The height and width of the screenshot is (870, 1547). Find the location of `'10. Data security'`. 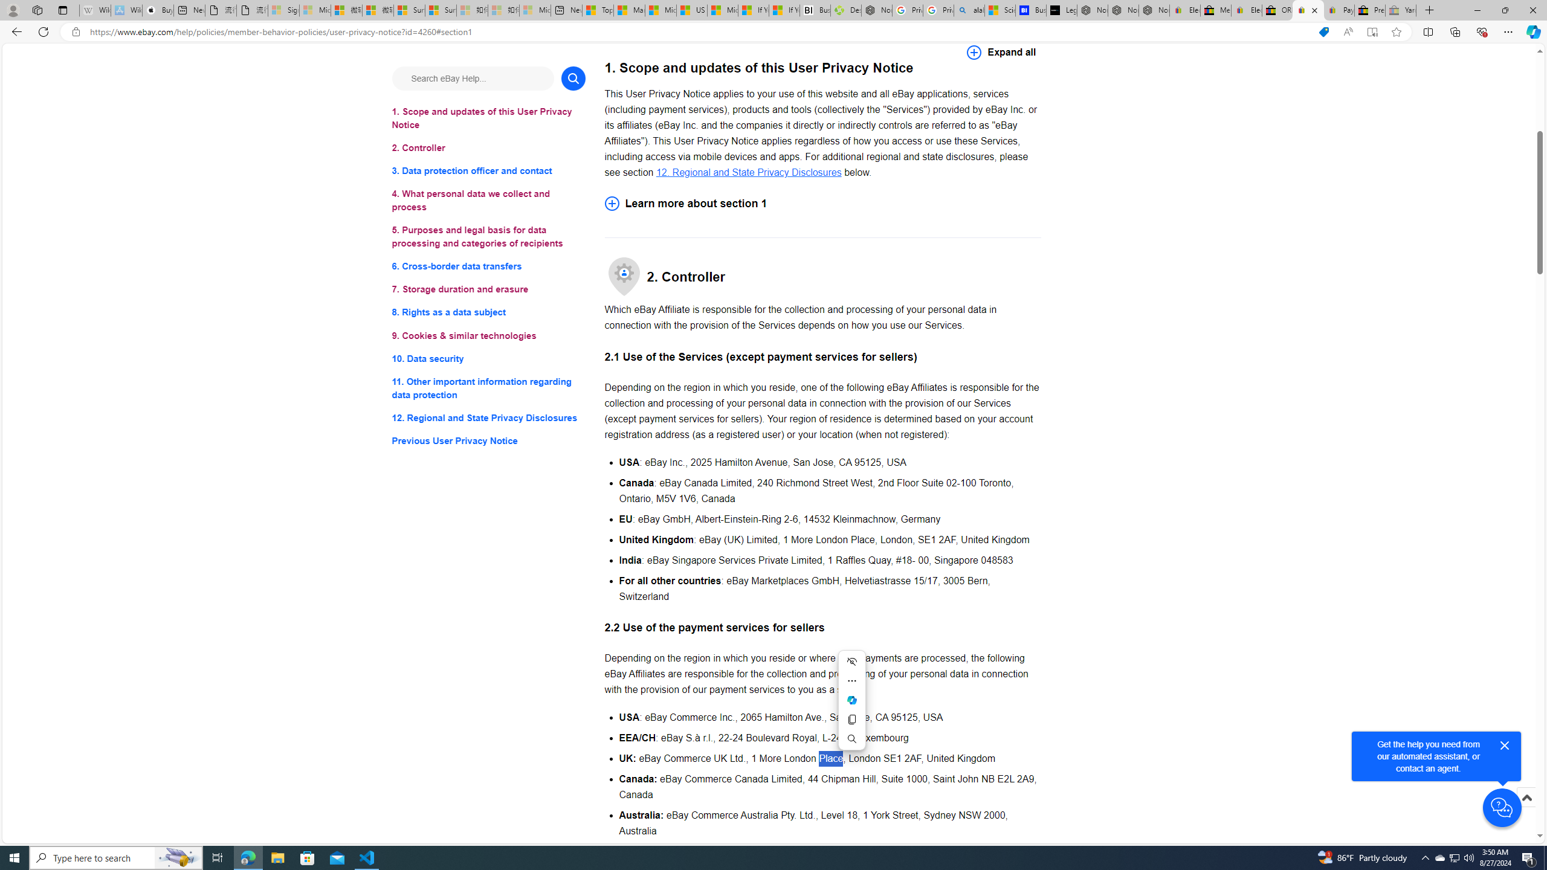

'10. Data security' is located at coordinates (488, 358).